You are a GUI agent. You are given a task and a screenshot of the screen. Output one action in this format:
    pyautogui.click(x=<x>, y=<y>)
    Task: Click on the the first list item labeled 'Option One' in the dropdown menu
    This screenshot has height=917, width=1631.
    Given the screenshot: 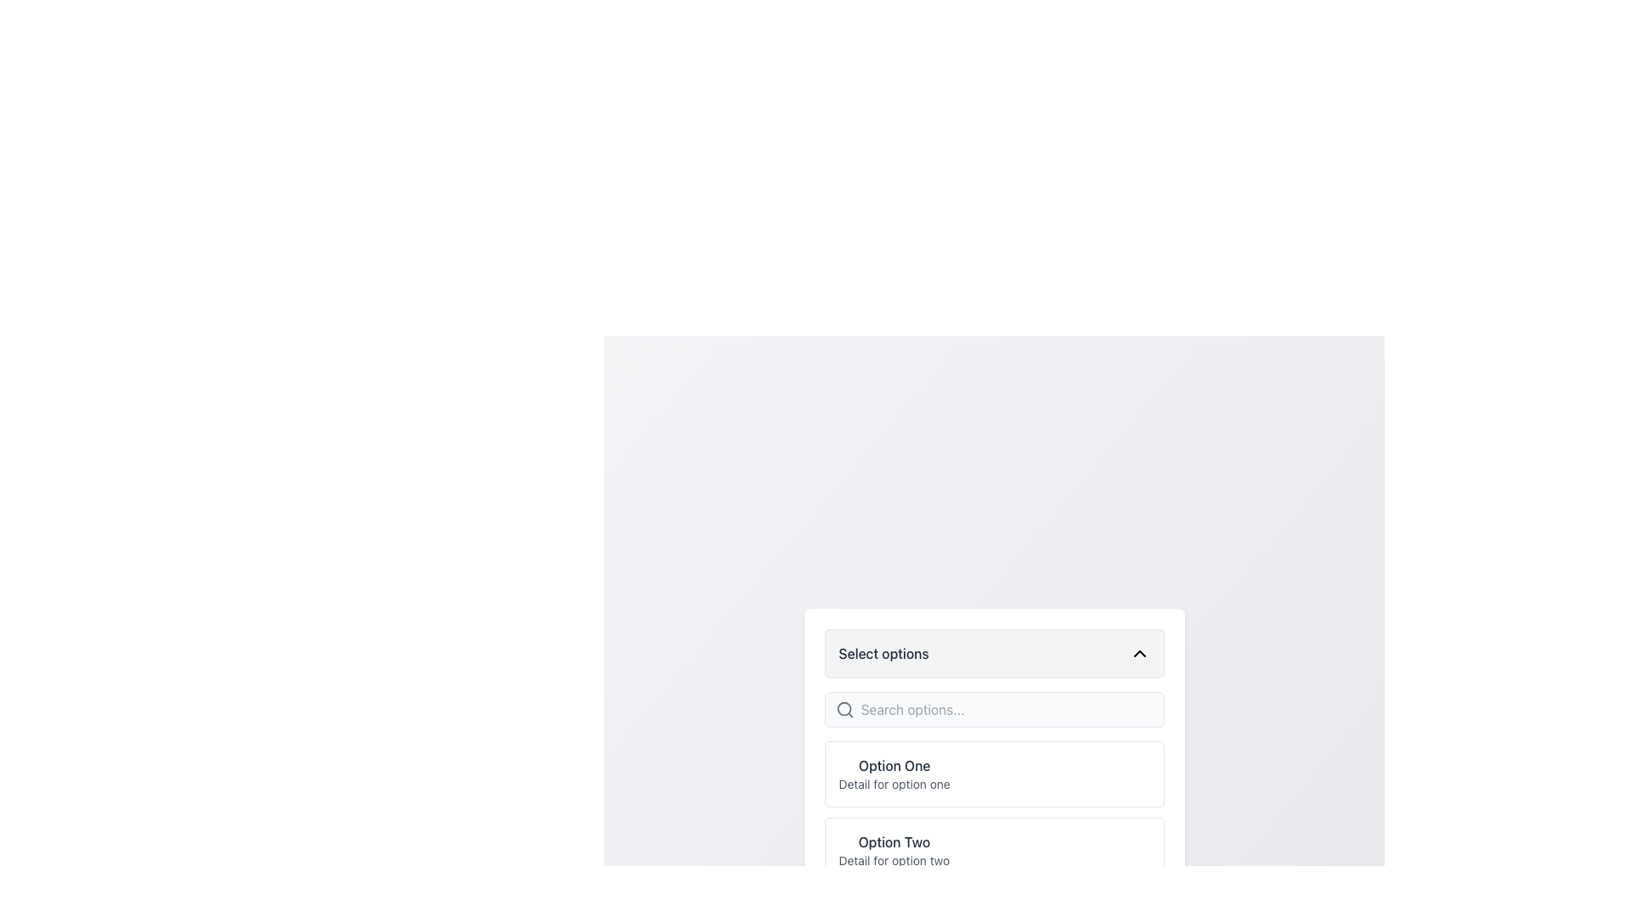 What is the action you would take?
    pyautogui.click(x=894, y=774)
    